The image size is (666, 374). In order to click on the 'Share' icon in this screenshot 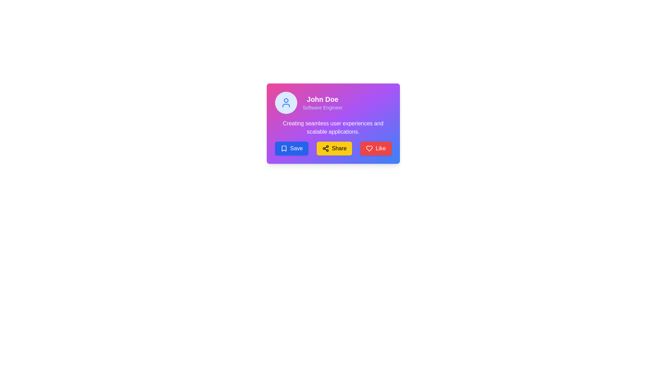, I will do `click(325, 148)`.